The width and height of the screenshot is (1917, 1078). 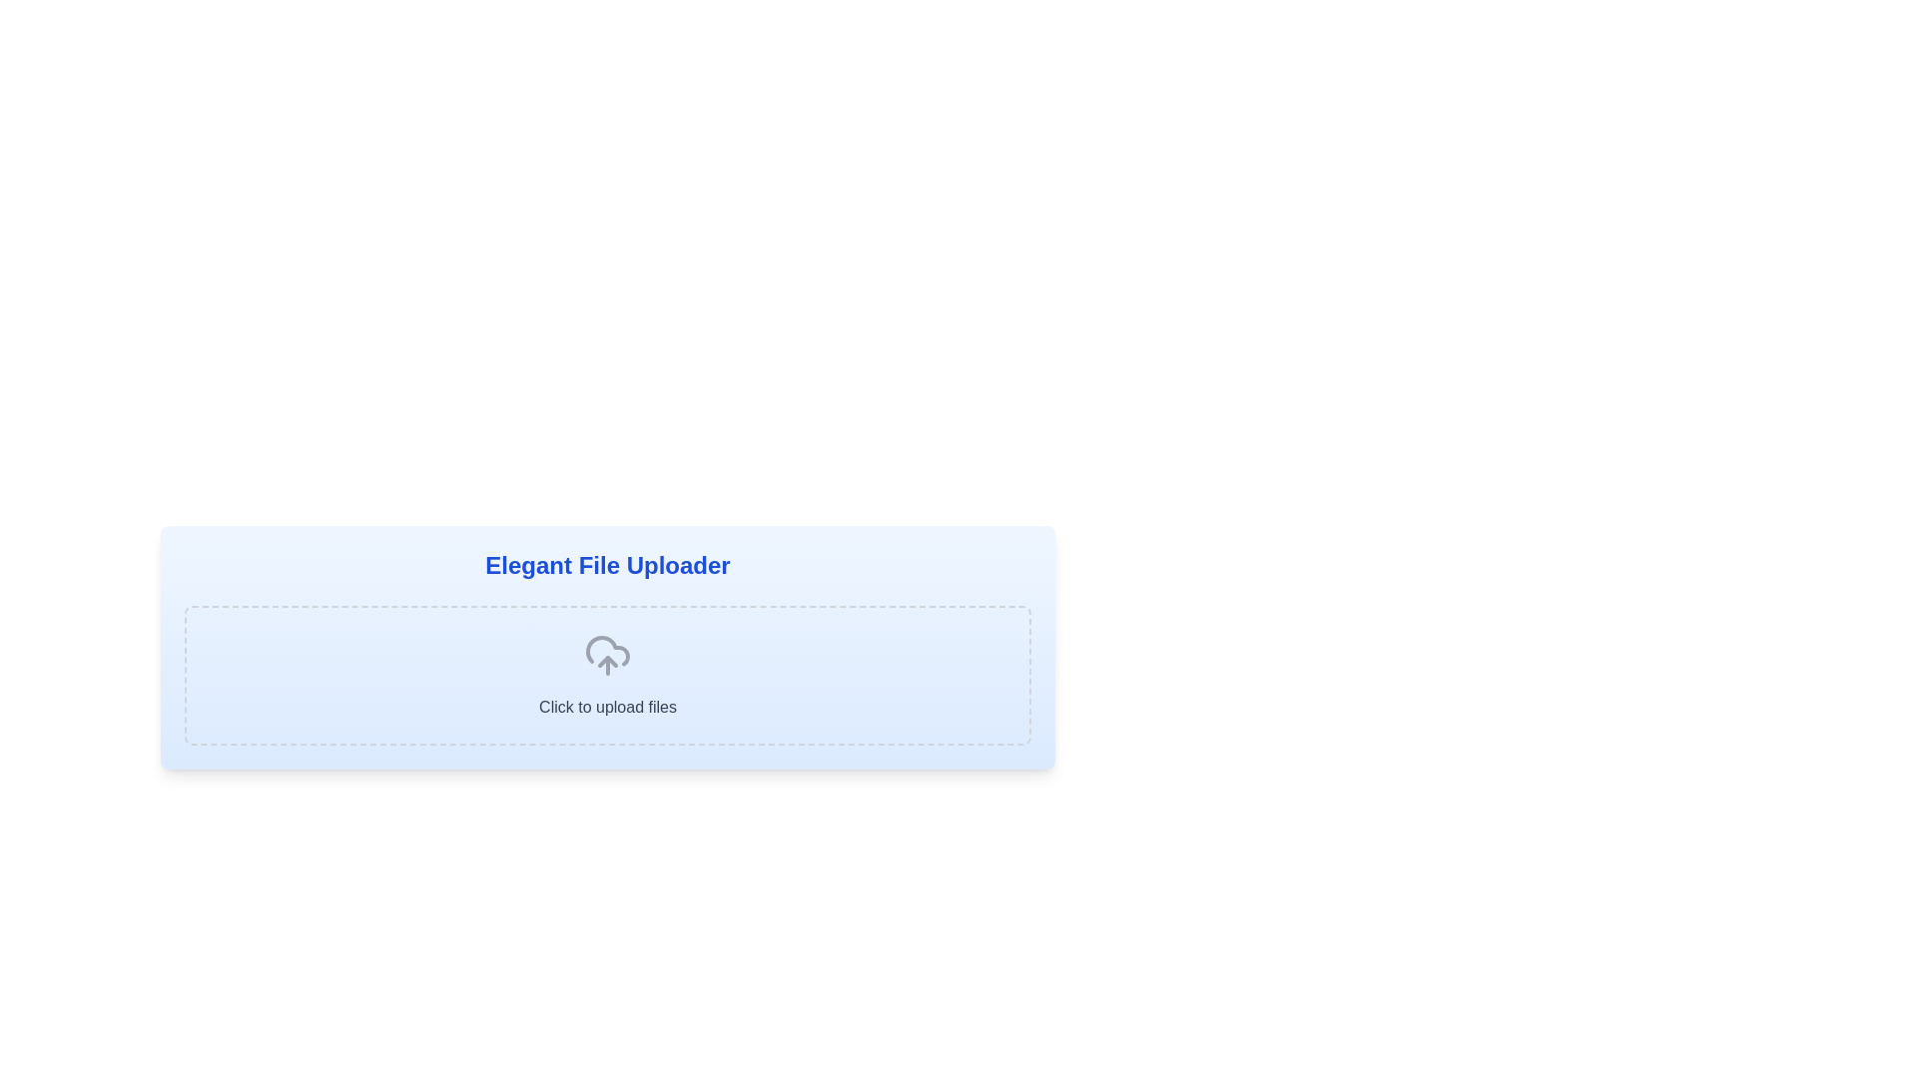 What do you see at coordinates (607, 675) in the screenshot?
I see `the Interactive upload button, which features a cloud icon with an upward arrow and the text 'Click to upload files', located centrally in the dashed rectangular box of the 'Elegant File Uploader' section` at bounding box center [607, 675].